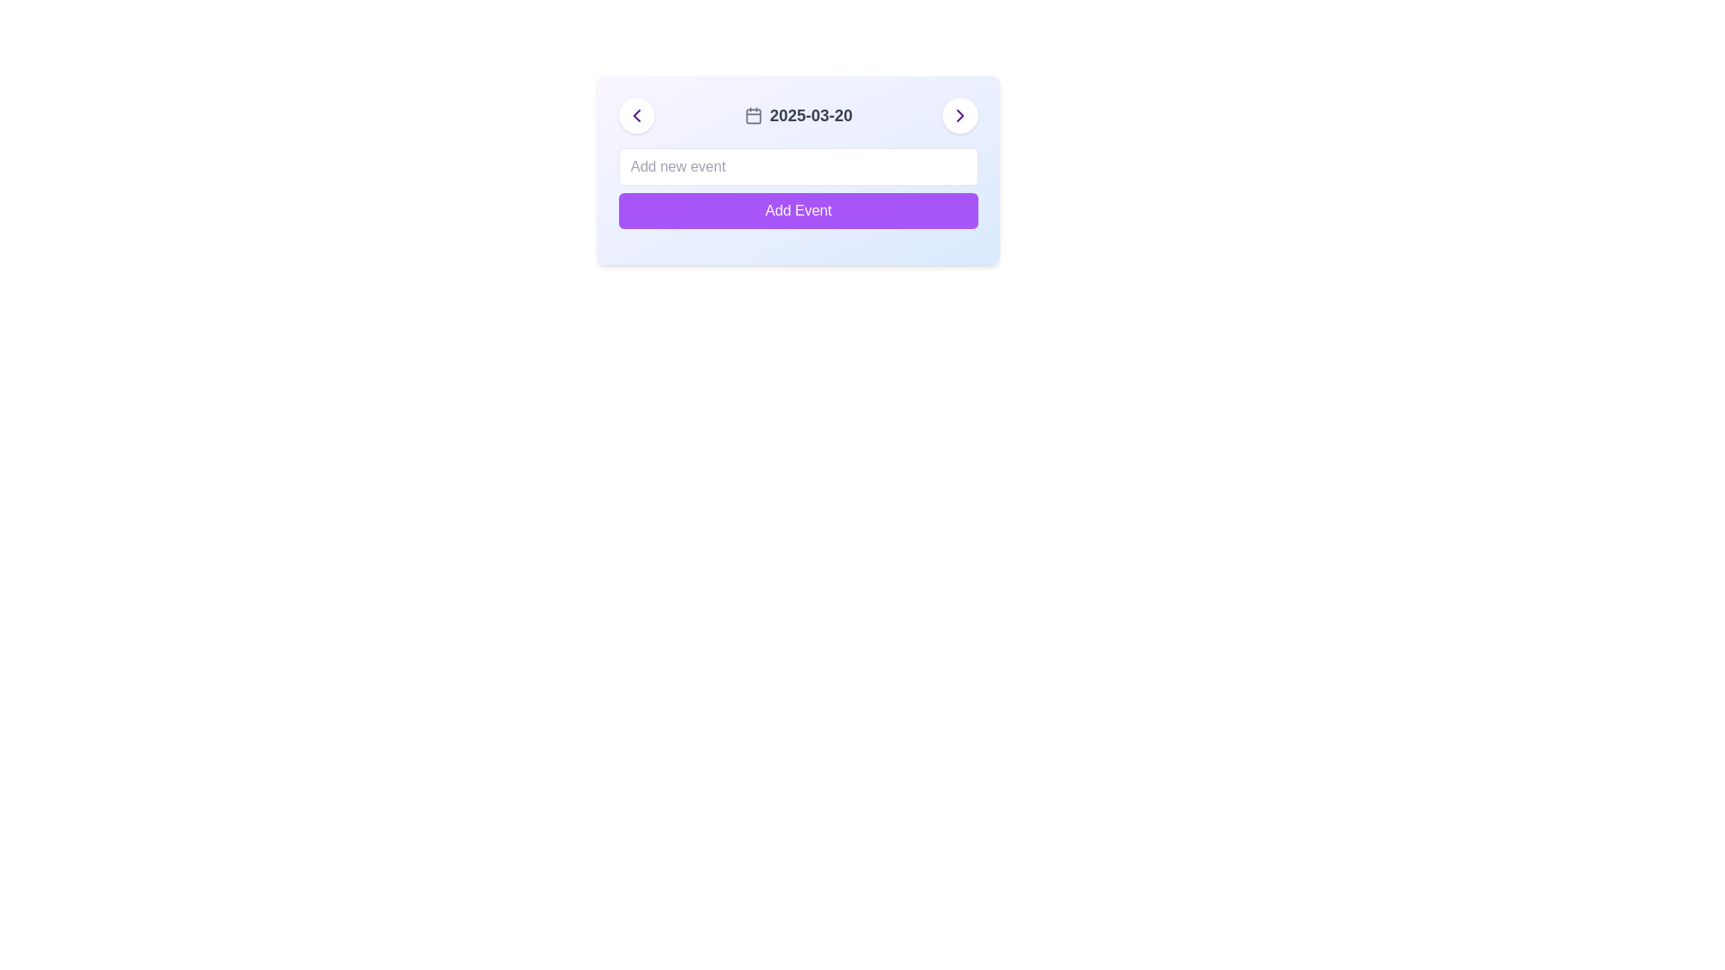 Image resolution: width=1725 pixels, height=970 pixels. What do you see at coordinates (637, 115) in the screenshot?
I see `the circular button with a white background and purple left-pointing chevron icon` at bounding box center [637, 115].